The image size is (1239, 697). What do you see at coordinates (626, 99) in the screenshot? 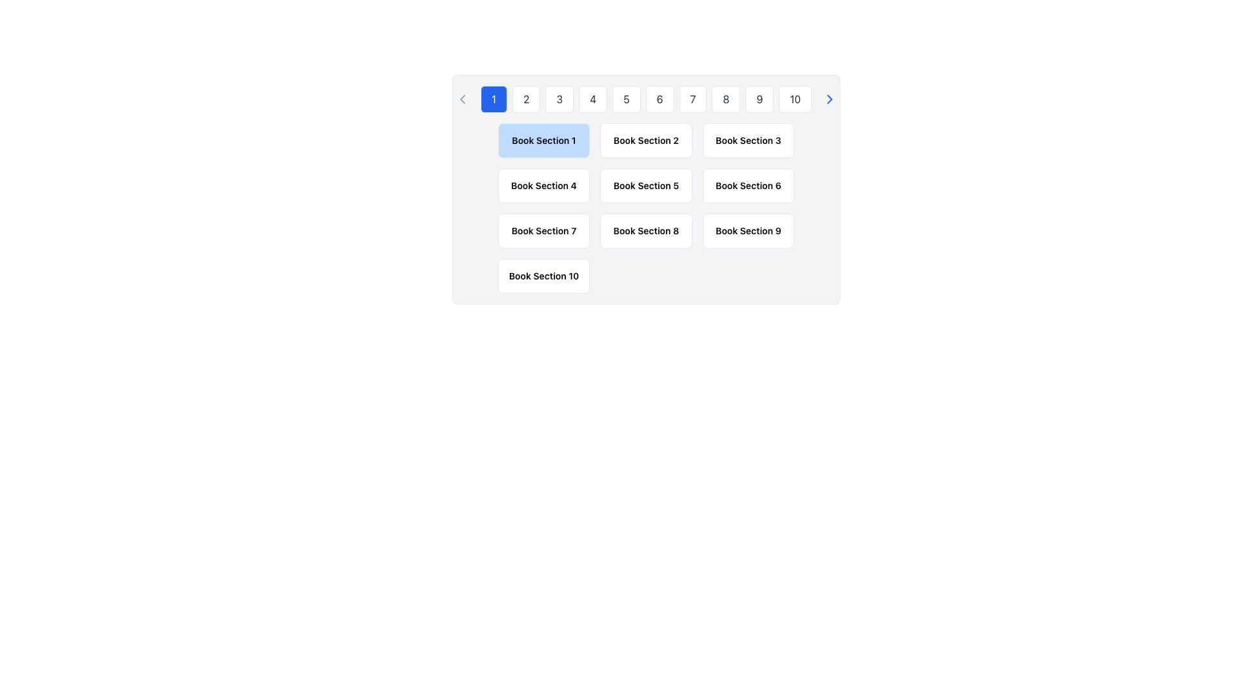
I see `the fifth button in the row of numbered buttons at the top of the book section interface` at bounding box center [626, 99].